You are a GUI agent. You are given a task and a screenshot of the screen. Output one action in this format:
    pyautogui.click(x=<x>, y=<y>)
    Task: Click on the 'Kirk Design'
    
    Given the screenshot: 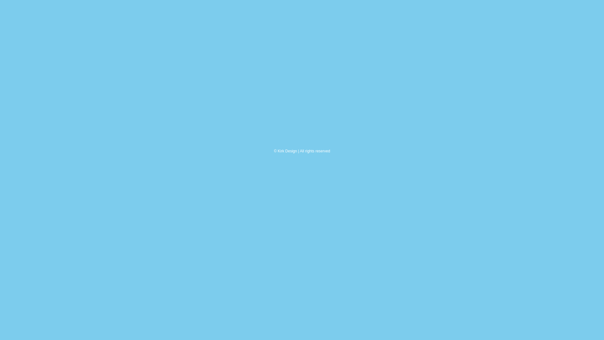 What is the action you would take?
    pyautogui.click(x=287, y=151)
    